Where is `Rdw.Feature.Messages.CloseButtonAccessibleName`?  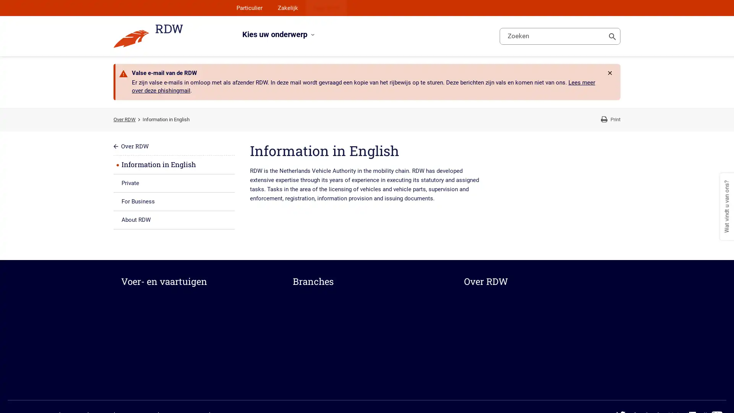 Rdw.Feature.Messages.CloseButtonAccessibleName is located at coordinates (609, 73).